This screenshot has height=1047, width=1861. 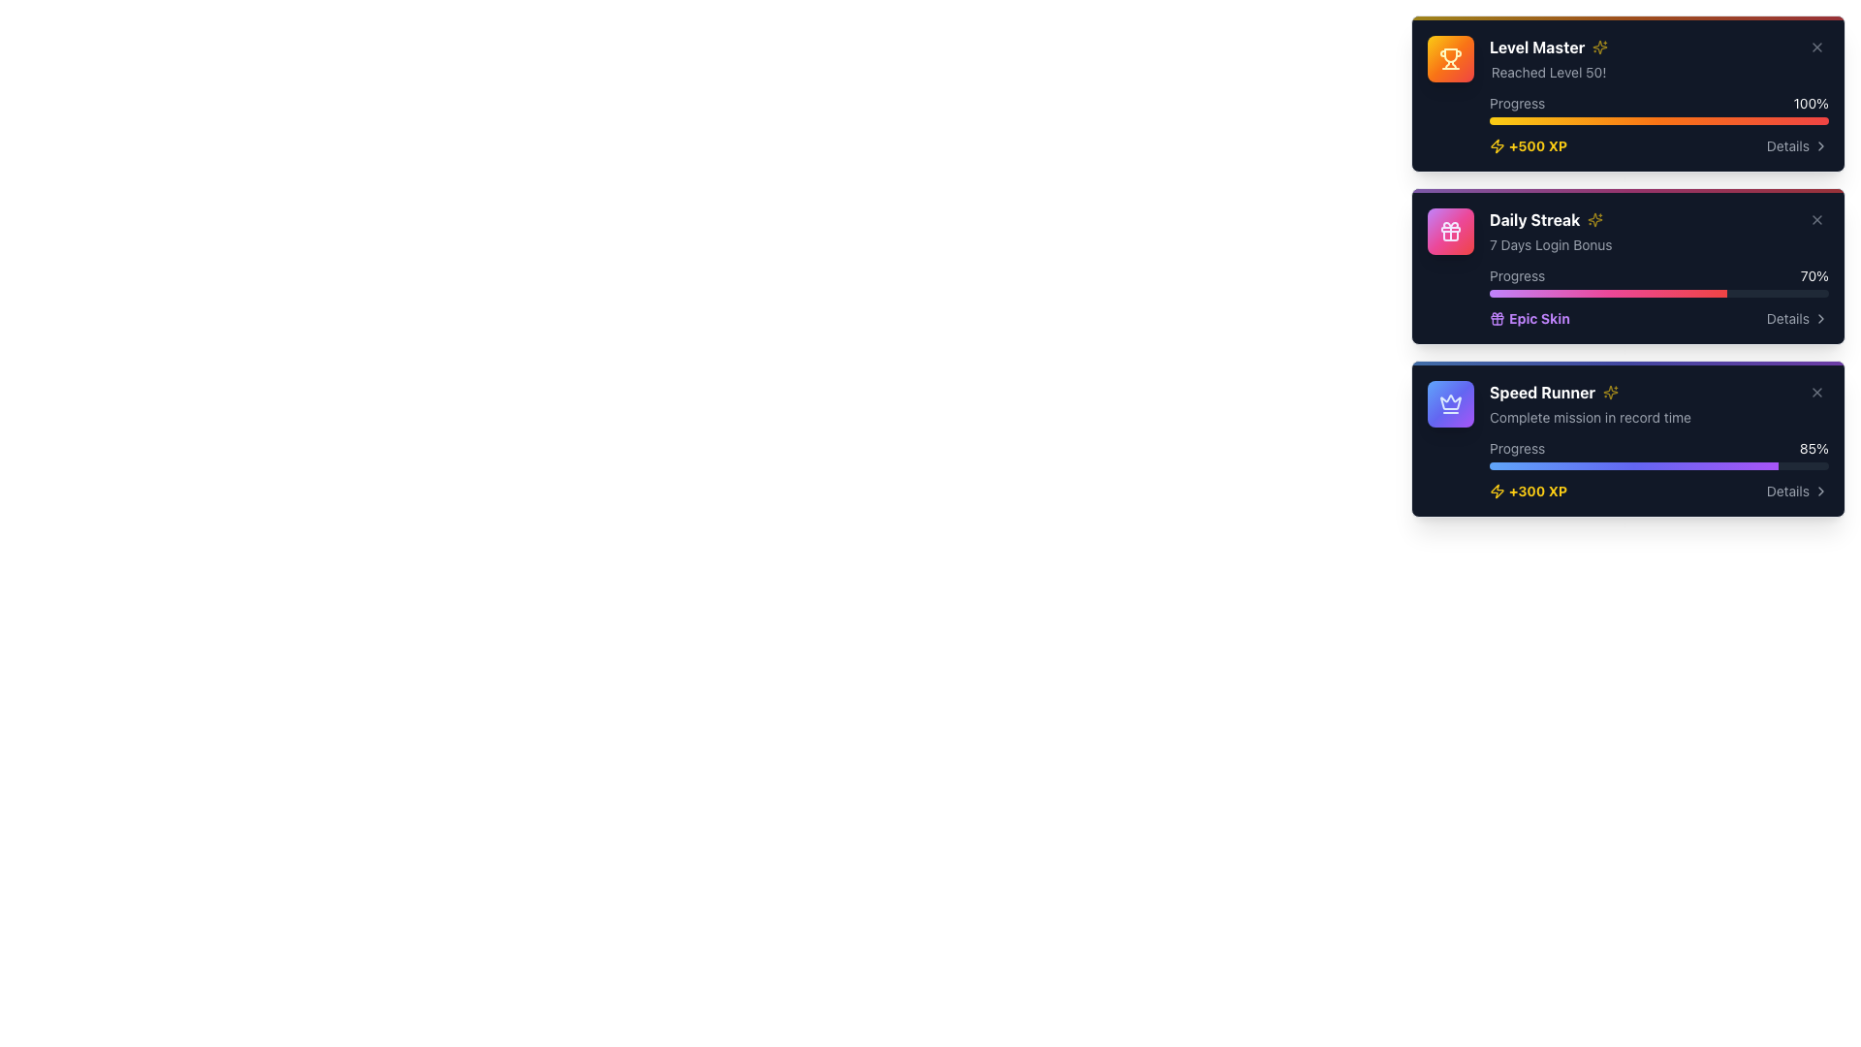 I want to click on the information in the Achievement card header titled 'Level Master' with a subtitle 'Reached Level 50!' located at the top of the progress cards list, so click(x=1658, y=58).